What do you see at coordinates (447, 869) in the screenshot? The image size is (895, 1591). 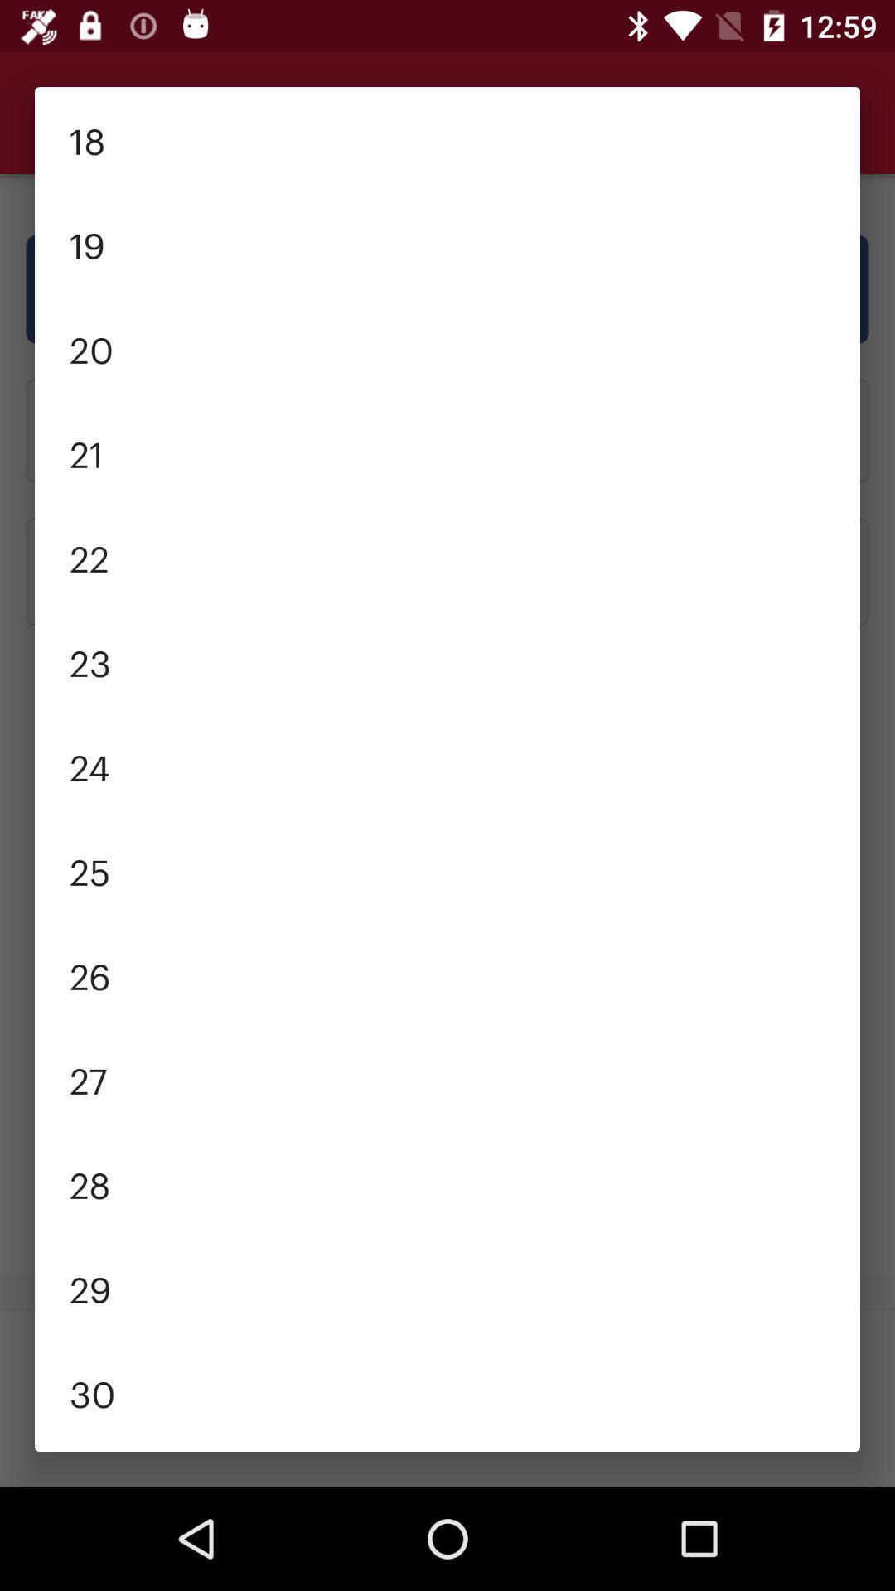 I see `item below 24` at bounding box center [447, 869].